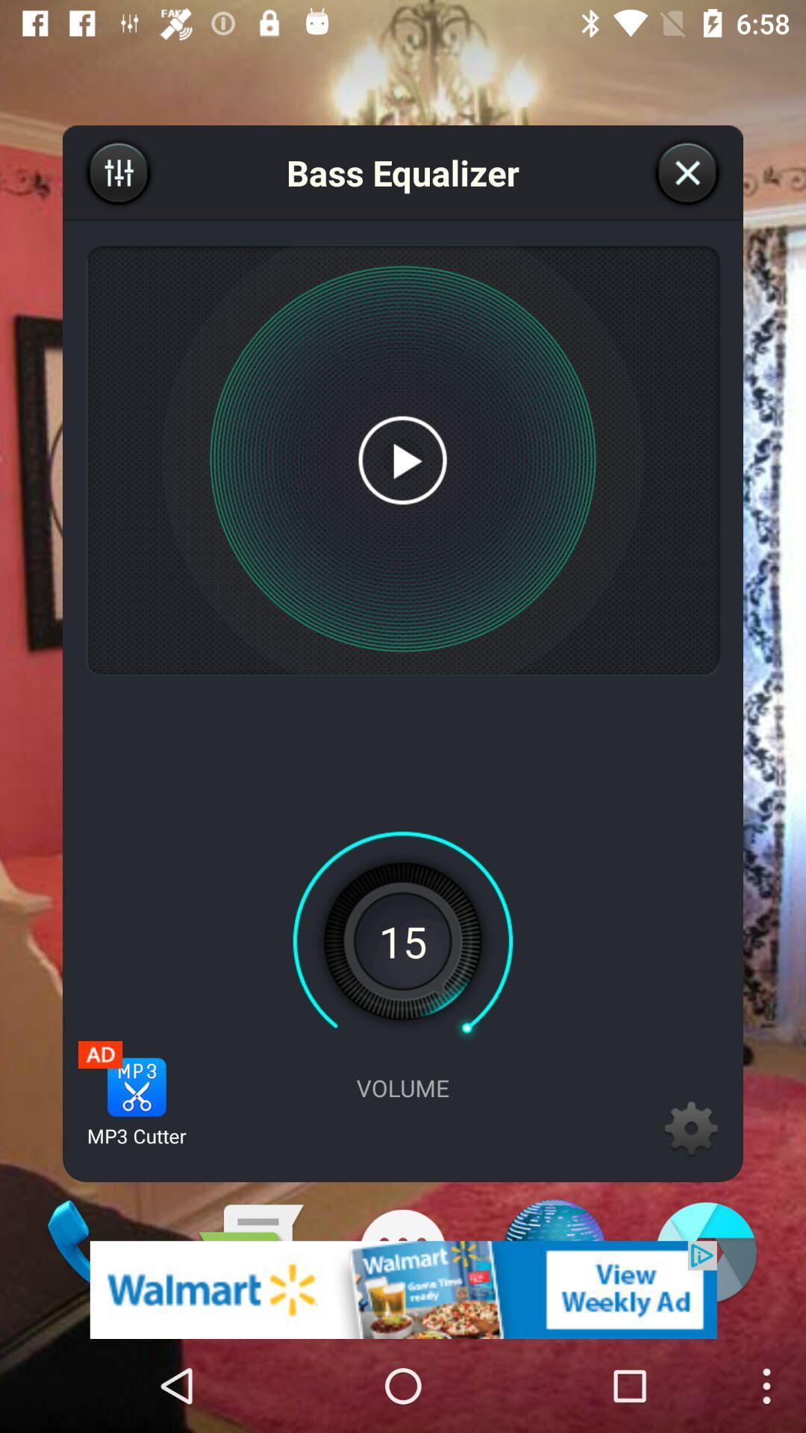 The height and width of the screenshot is (1433, 806). What do you see at coordinates (117, 172) in the screenshot?
I see `the sliders icon` at bounding box center [117, 172].